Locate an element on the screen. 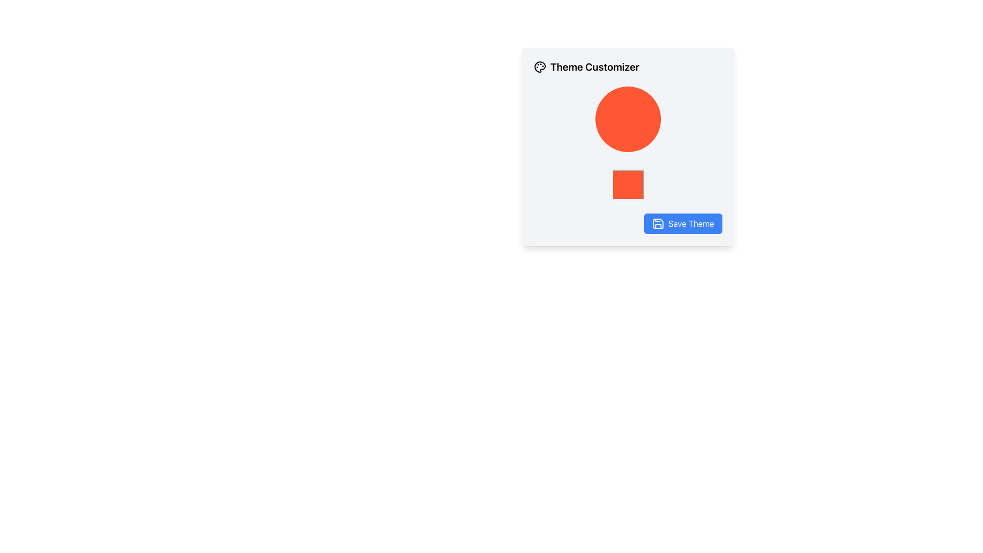 This screenshot has width=983, height=553. text label 'Theme Customizer' from the Text and Icon Combination element located at the top-left corner of the card-like section is located at coordinates (628, 67).